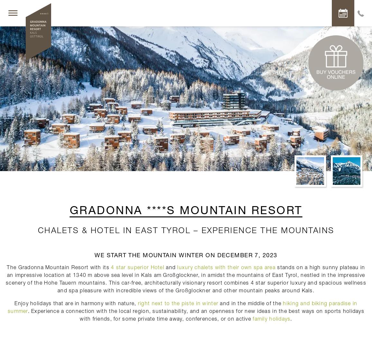 Image resolution: width=372 pixels, height=346 pixels. I want to click on 'and', so click(170, 267).